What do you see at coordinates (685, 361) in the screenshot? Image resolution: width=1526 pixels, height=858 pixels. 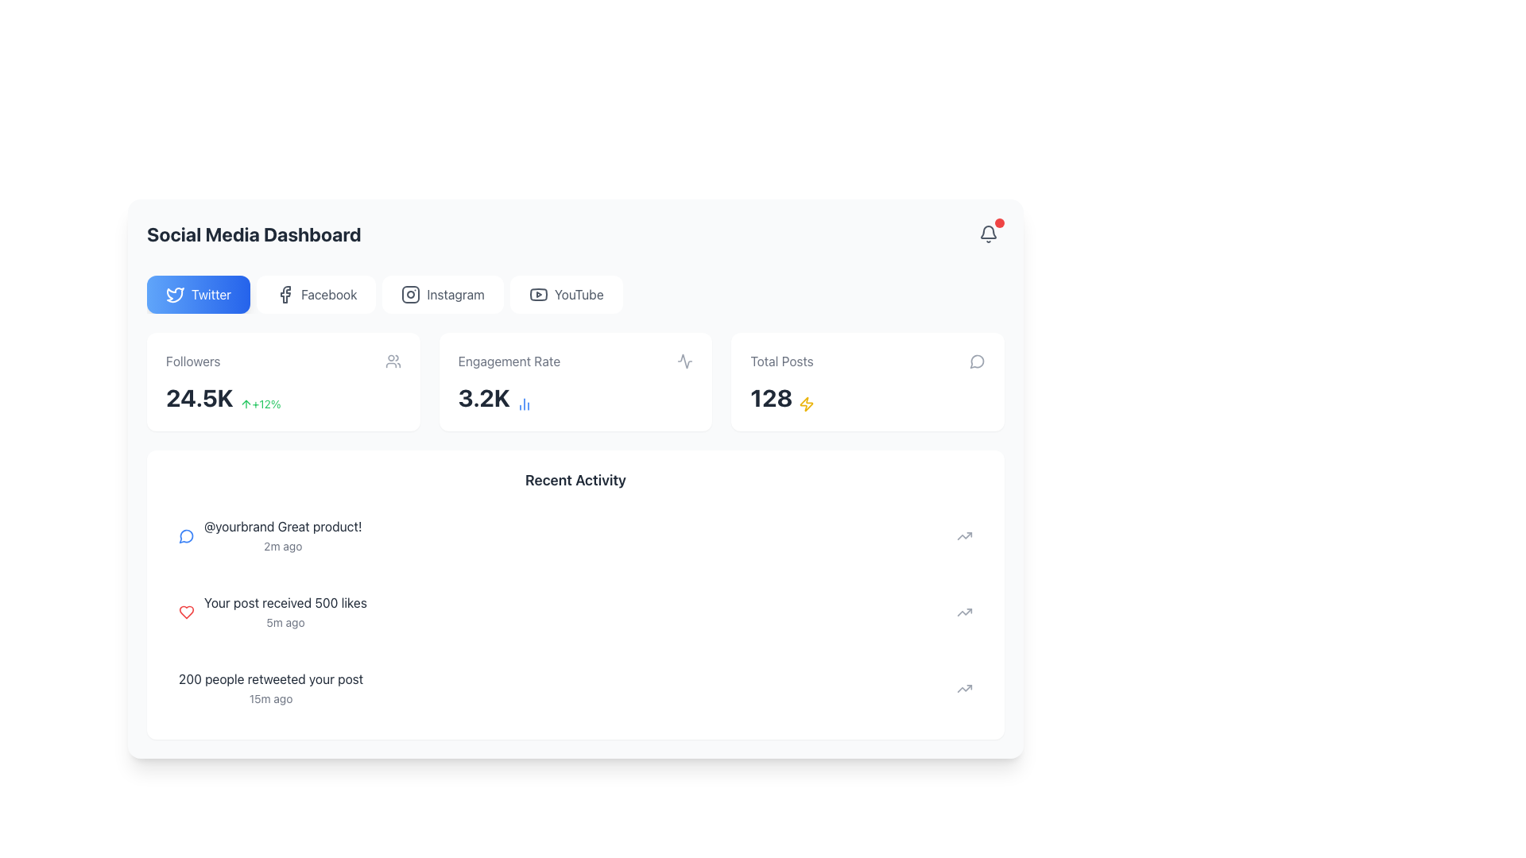 I see `the SVG icon located in the top-right corner of the dashboard, near the notification bell indicator` at bounding box center [685, 361].